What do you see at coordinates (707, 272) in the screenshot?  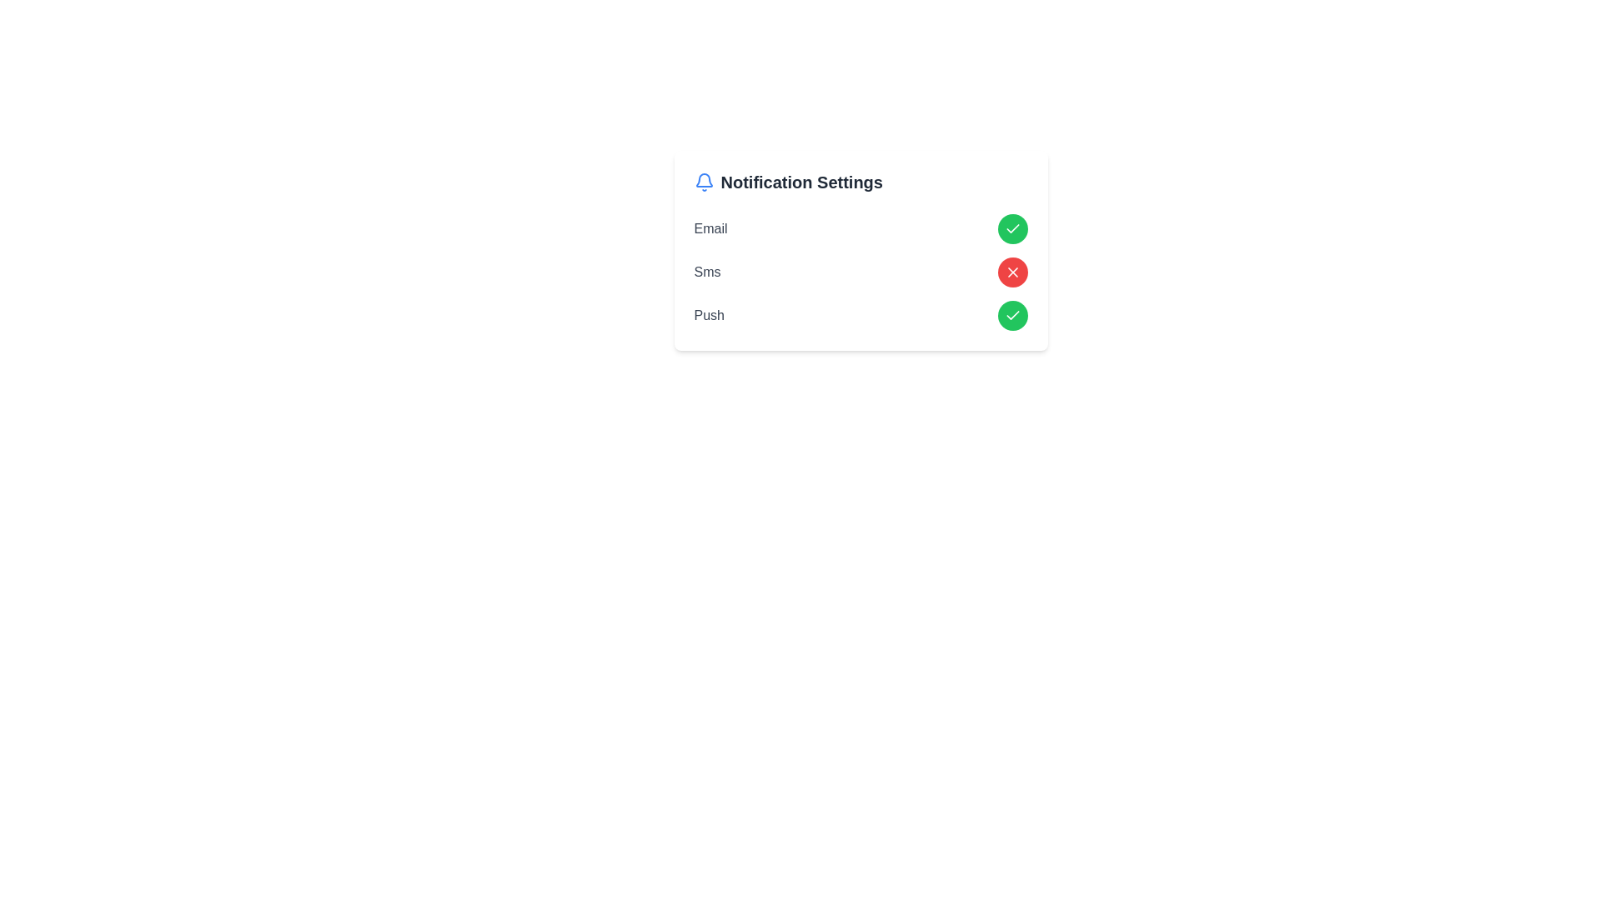 I see `the 'sms' text label, which is the second item in the Notification Settings list, positioned between 'Email' and 'Push'` at bounding box center [707, 272].